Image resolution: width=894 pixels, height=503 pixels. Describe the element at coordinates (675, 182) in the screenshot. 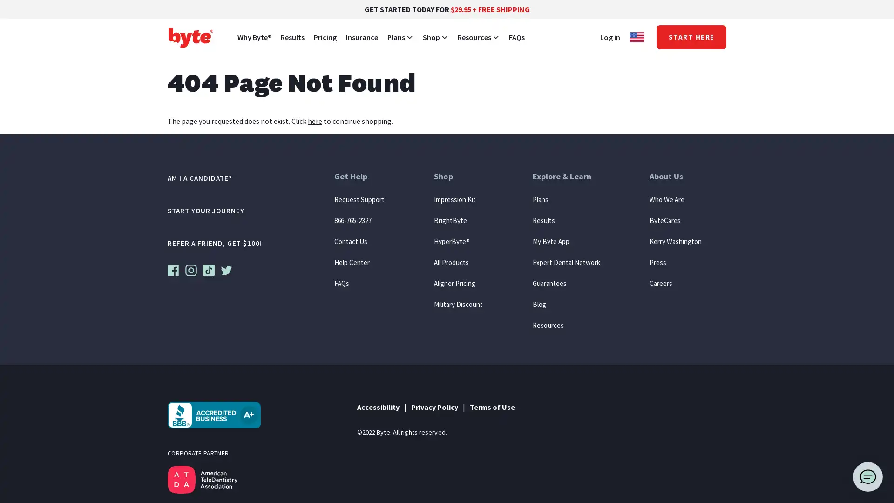

I see `About Us` at that location.